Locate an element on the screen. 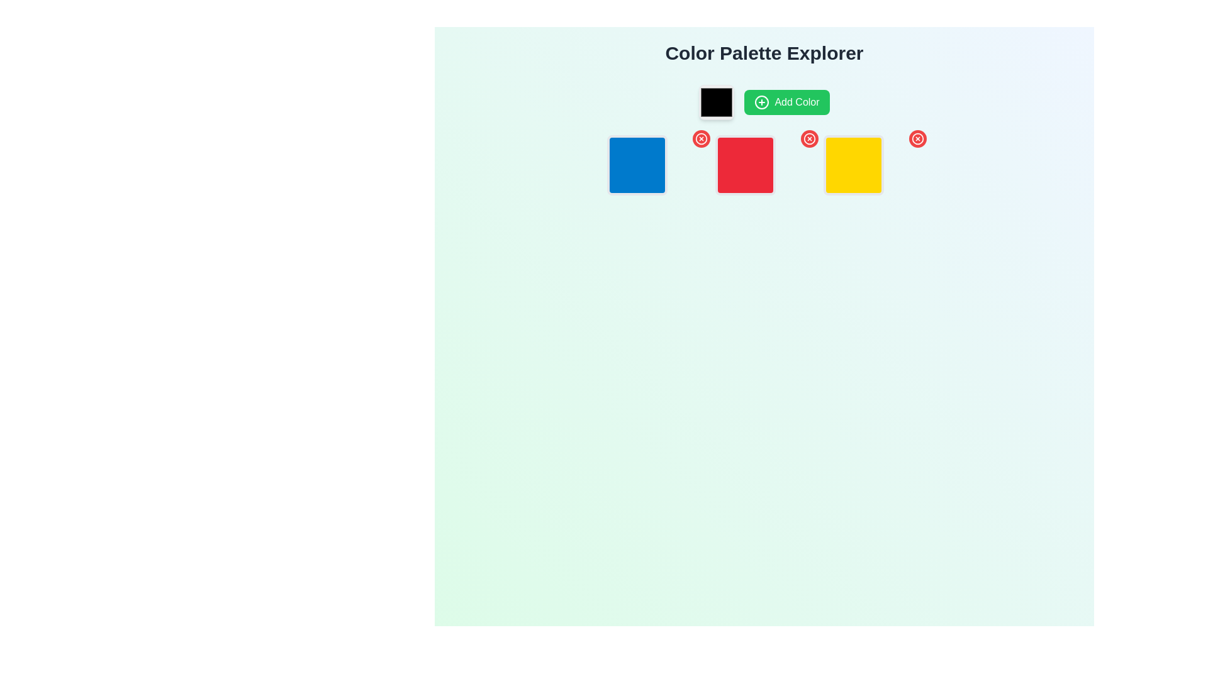 This screenshot has width=1208, height=679. to select or interact with the middle red color block in the grid layout of color blocks is located at coordinates (763, 164).